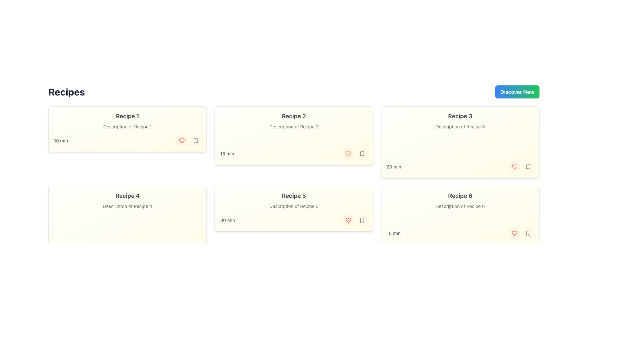 This screenshot has height=352, width=627. Describe the element at coordinates (393, 233) in the screenshot. I see `text label displaying '10 min' located in the bottom-left corner of the card for 'Recipe 6', which is styled in gray color and medium font weight` at that location.